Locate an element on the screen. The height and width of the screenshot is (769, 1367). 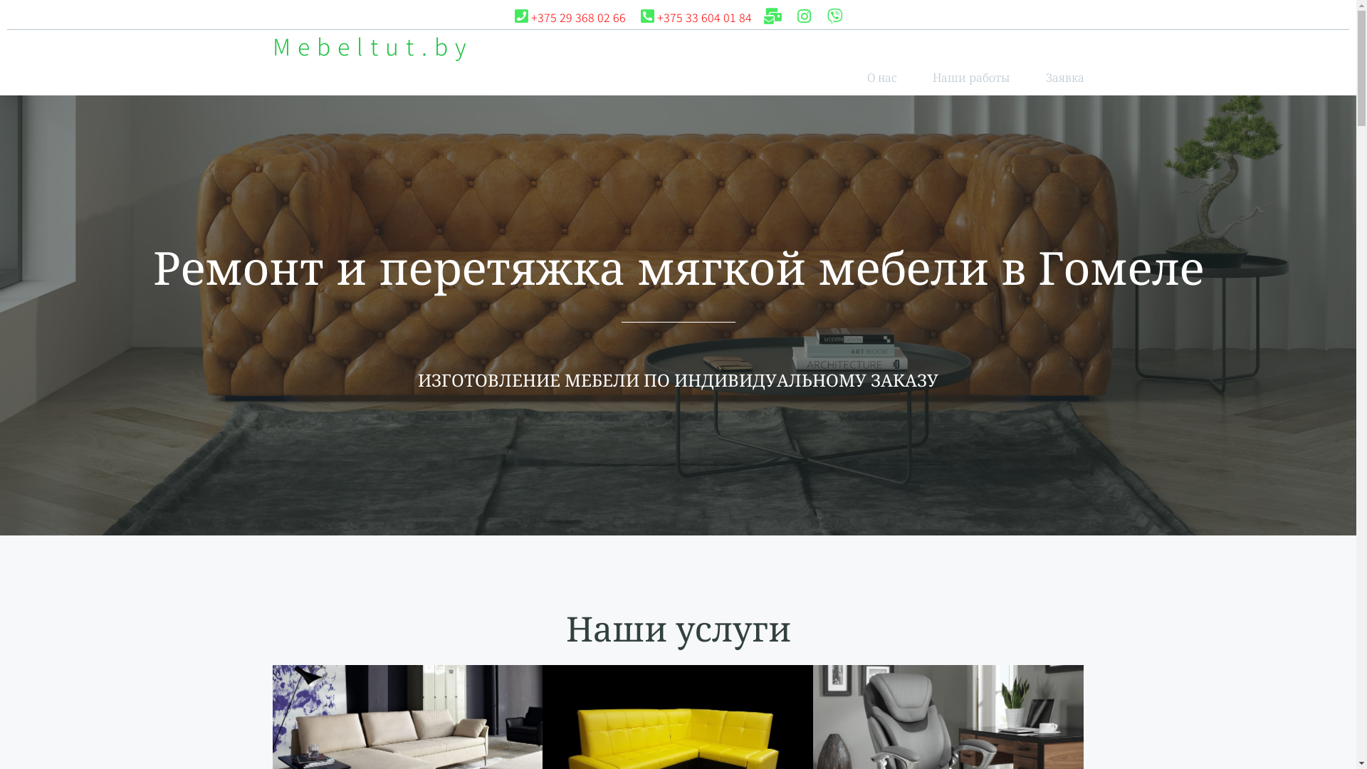
'+375 33 604 01 84' is located at coordinates (694, 17).